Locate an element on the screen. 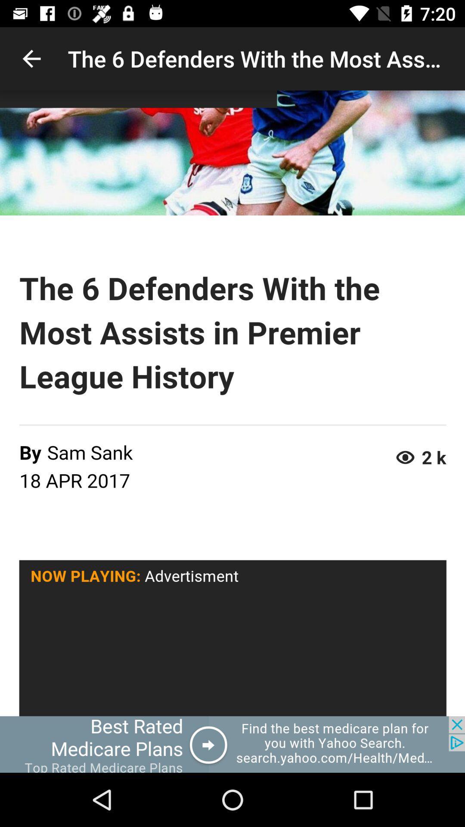 The height and width of the screenshot is (827, 465). advertisement is located at coordinates (232, 744).